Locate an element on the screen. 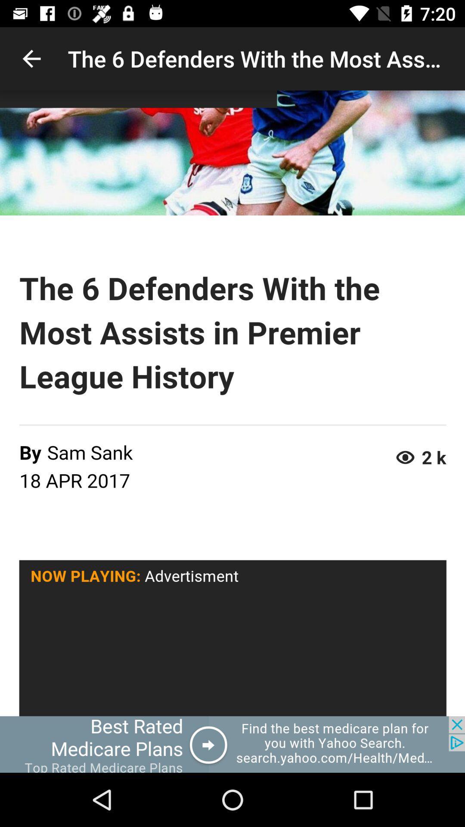 The height and width of the screenshot is (827, 465). advertisement is located at coordinates (232, 744).